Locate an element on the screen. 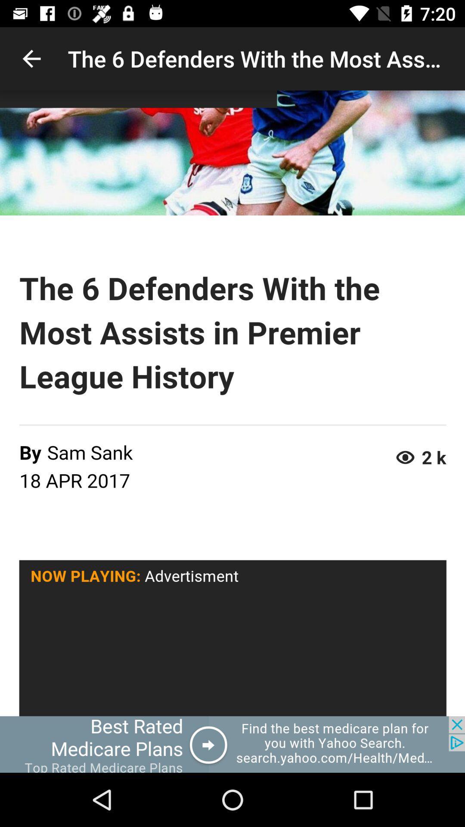 The height and width of the screenshot is (827, 465). advertisement is located at coordinates (232, 744).